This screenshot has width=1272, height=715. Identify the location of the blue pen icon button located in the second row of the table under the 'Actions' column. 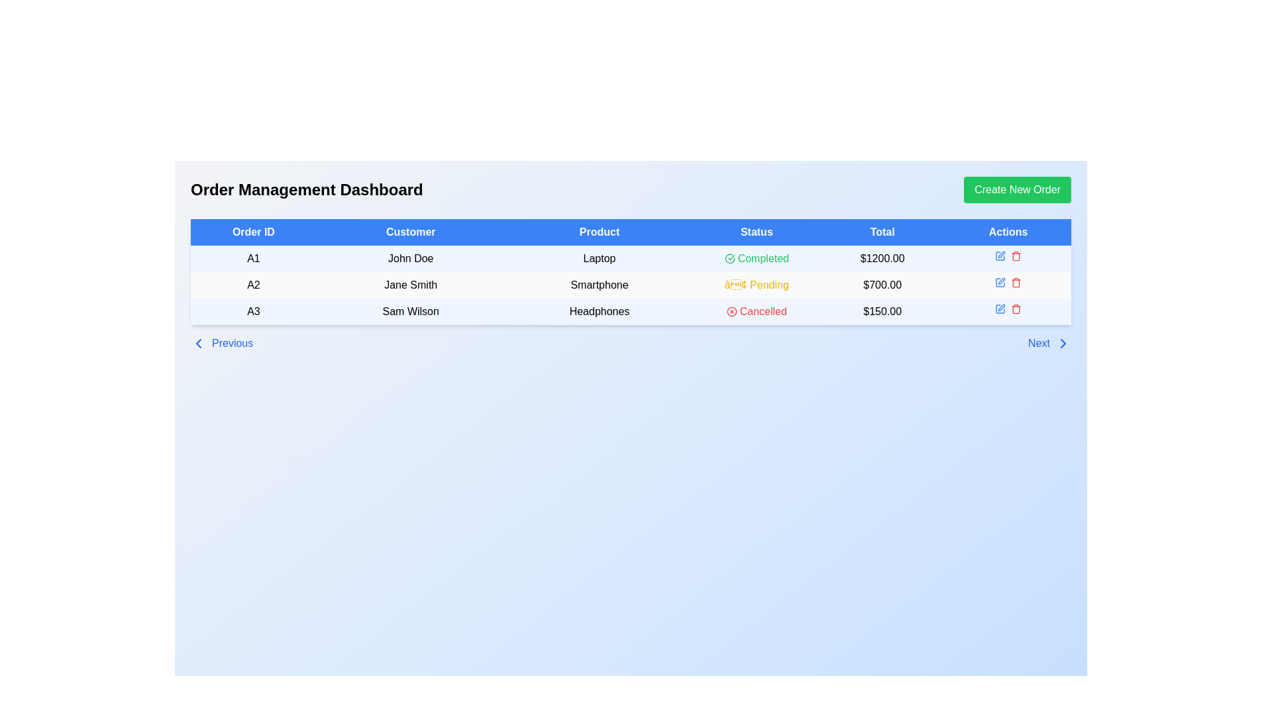
(1000, 282).